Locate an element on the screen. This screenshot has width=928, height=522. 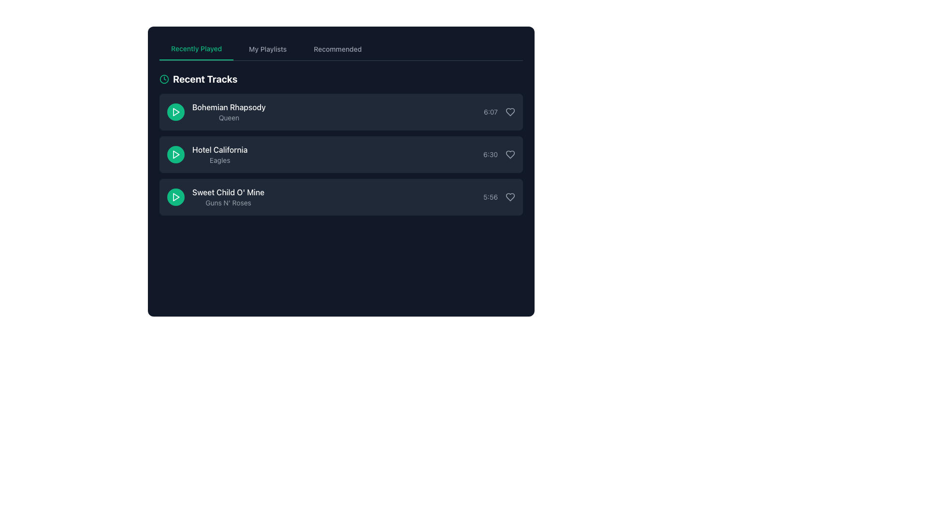
the music track item displaying 'Bohemian Rhapsody' by 'Queen' is located at coordinates (216, 111).